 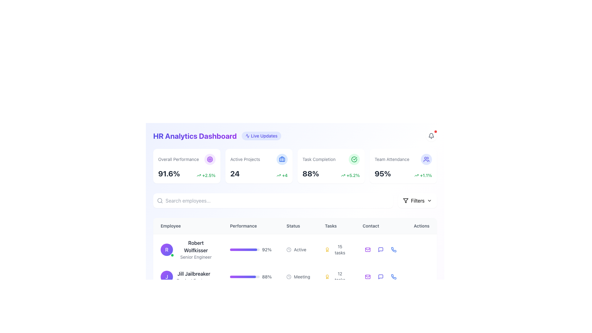 I want to click on the downward chevron icon located to the right of the 'Filters' label, so click(x=429, y=201).